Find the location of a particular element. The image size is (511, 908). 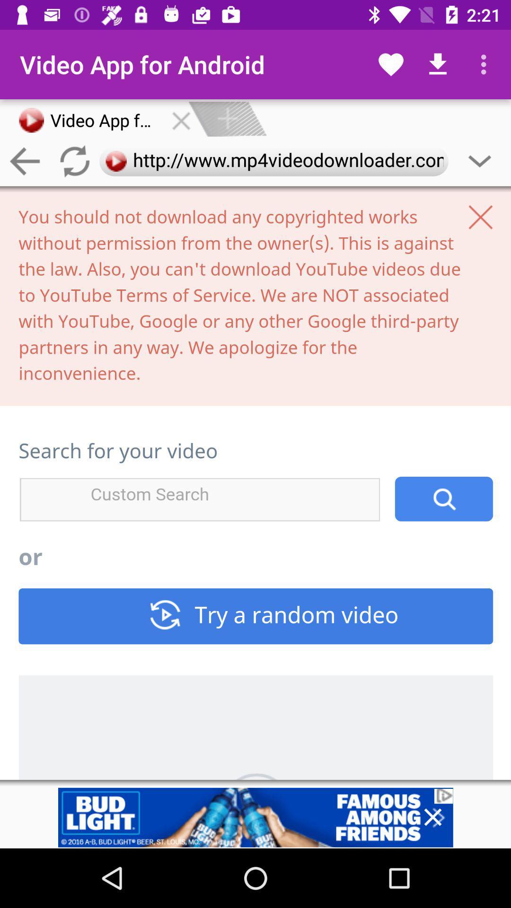

the refresh icon is located at coordinates (74, 161).